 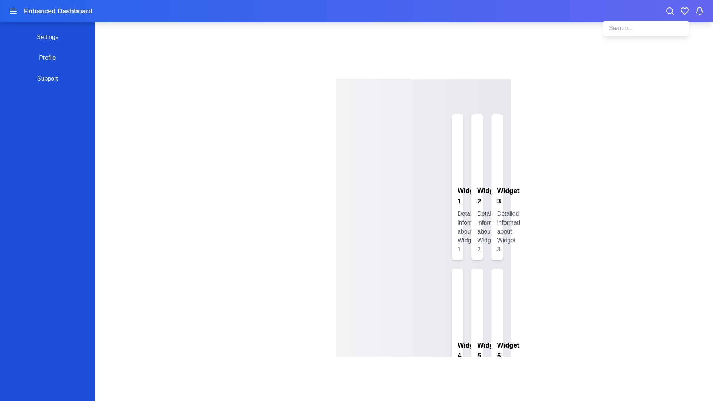 What do you see at coordinates (670, 11) in the screenshot?
I see `the SVG Circle element that represents the circular glass area of the magnifying glass icon located in the top-right corner of the interface` at bounding box center [670, 11].